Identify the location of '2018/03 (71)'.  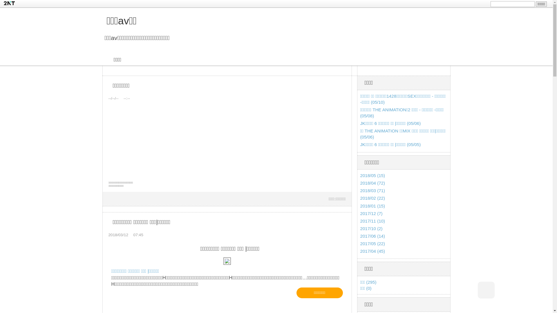
(360, 190).